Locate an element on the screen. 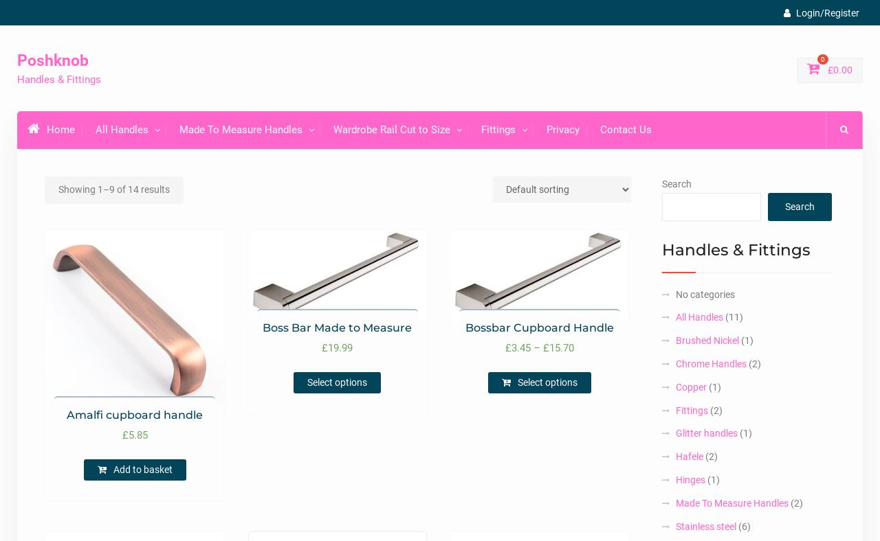 This screenshot has height=541, width=880. '11' is located at coordinates (733, 316).